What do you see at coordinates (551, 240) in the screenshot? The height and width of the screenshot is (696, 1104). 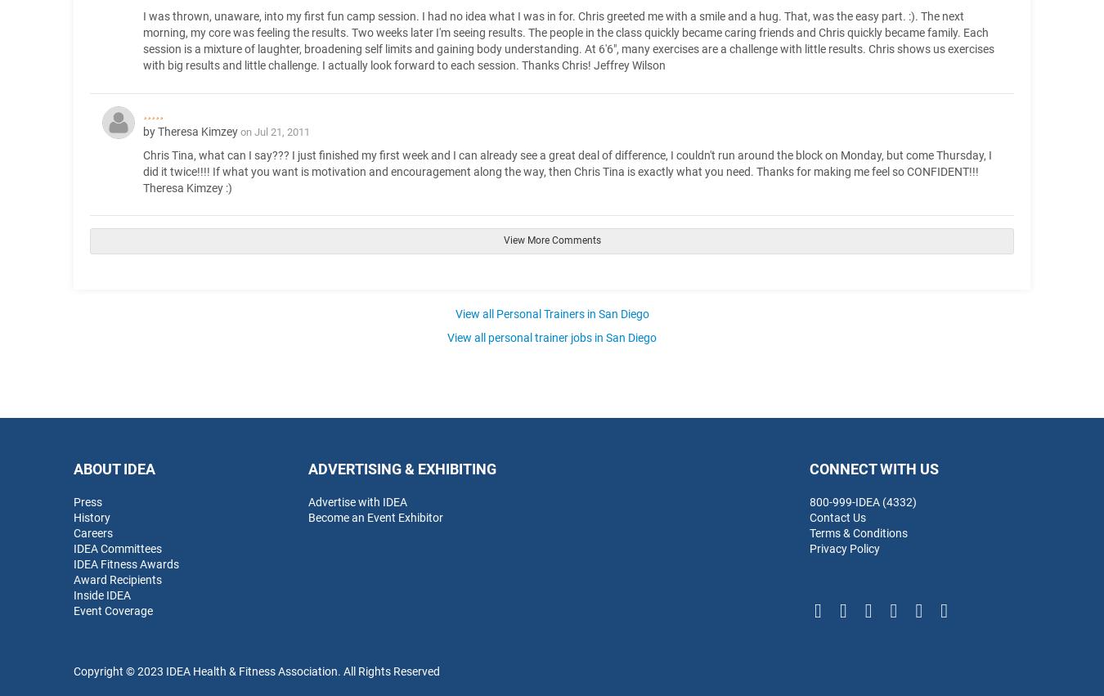 I see `'View More Comments'` at bounding box center [551, 240].